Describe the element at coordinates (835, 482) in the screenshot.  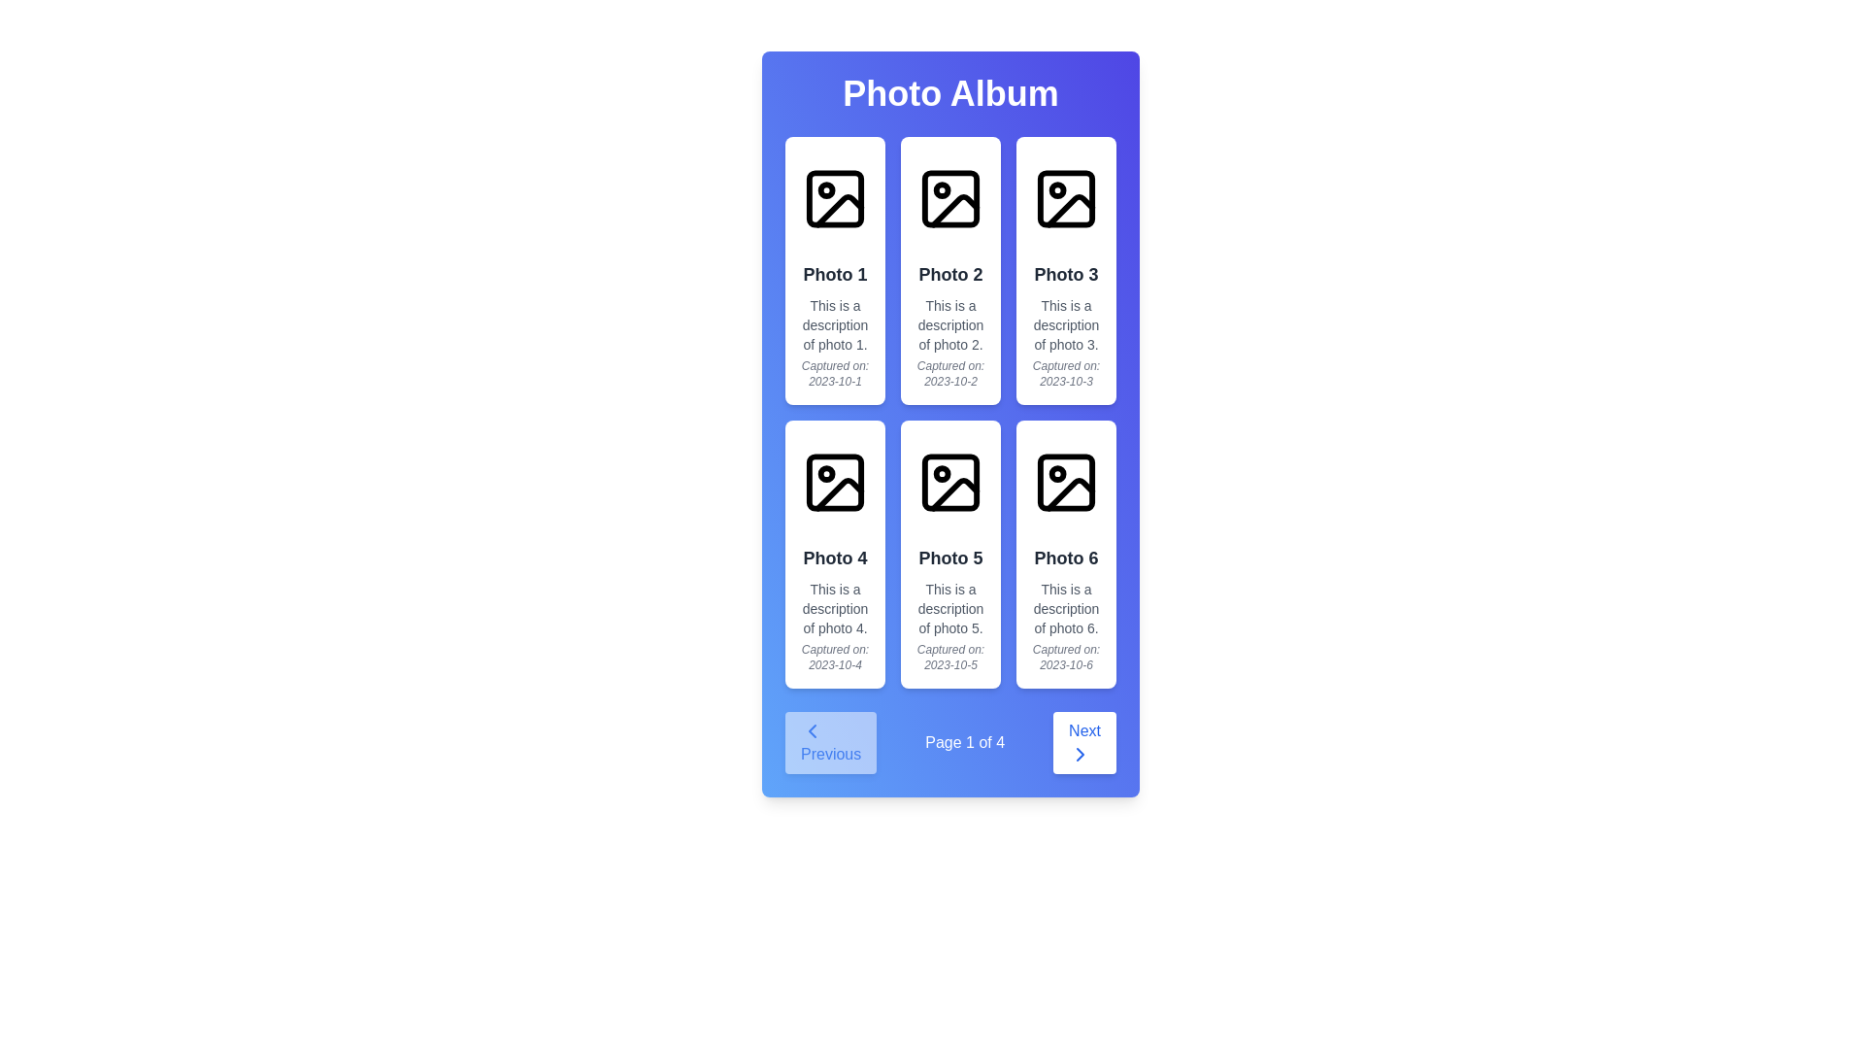
I see `the decorative SVG rectangle representing the photo icon located in the top-left of the photo card for 'Photo 4' in the second row, first column of the grid layout` at that location.